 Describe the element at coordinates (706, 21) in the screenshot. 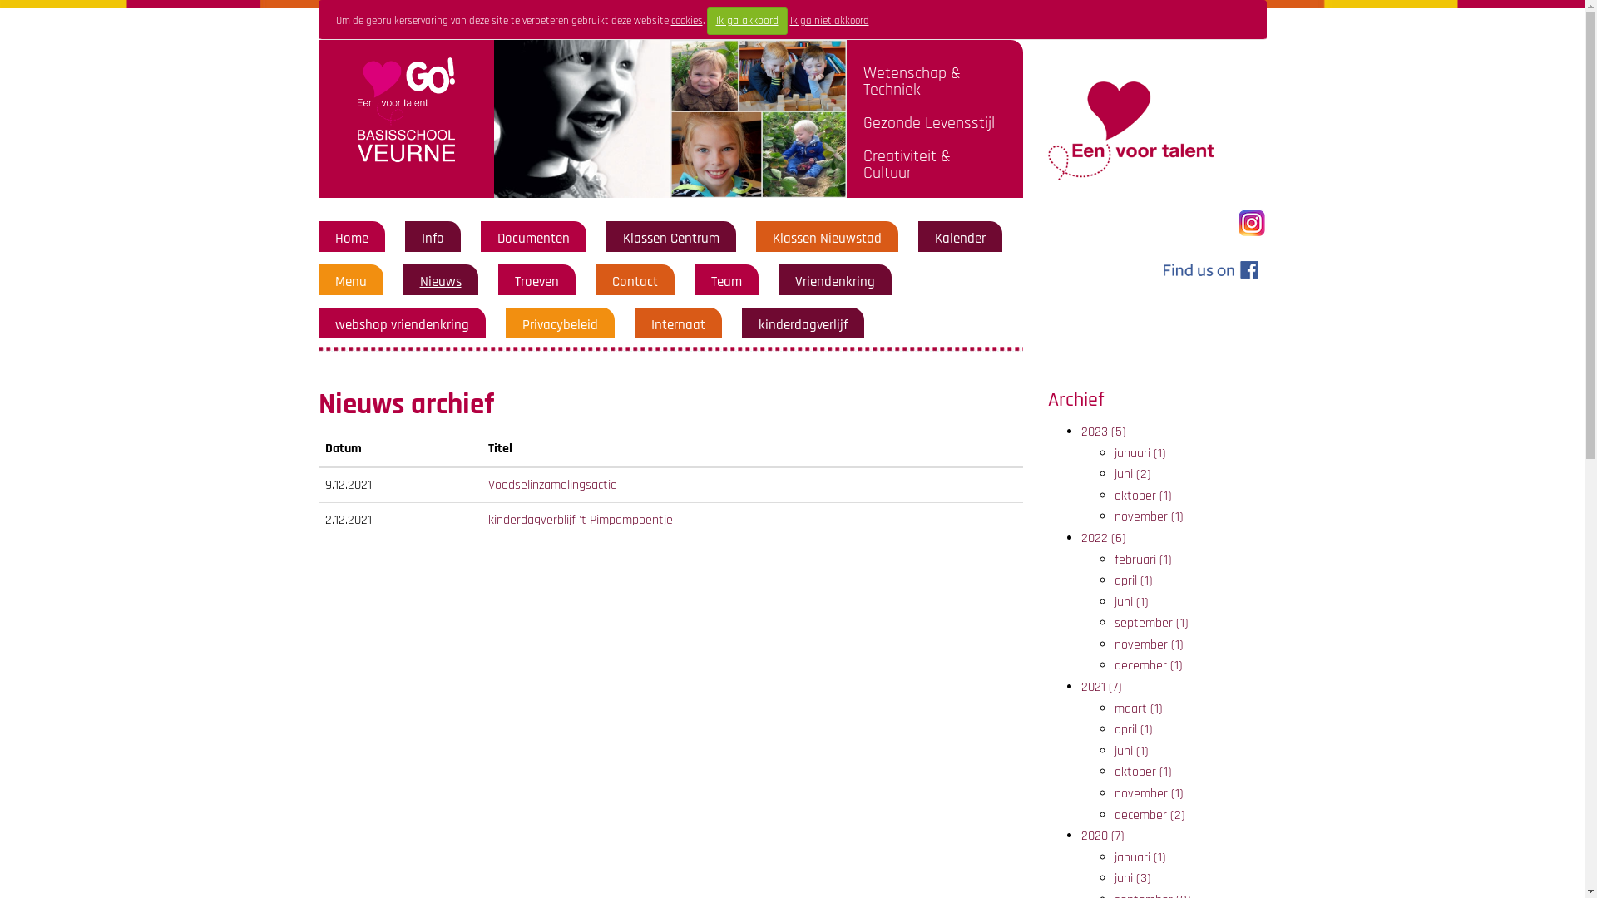

I see `'Ik ga akkoord'` at that location.